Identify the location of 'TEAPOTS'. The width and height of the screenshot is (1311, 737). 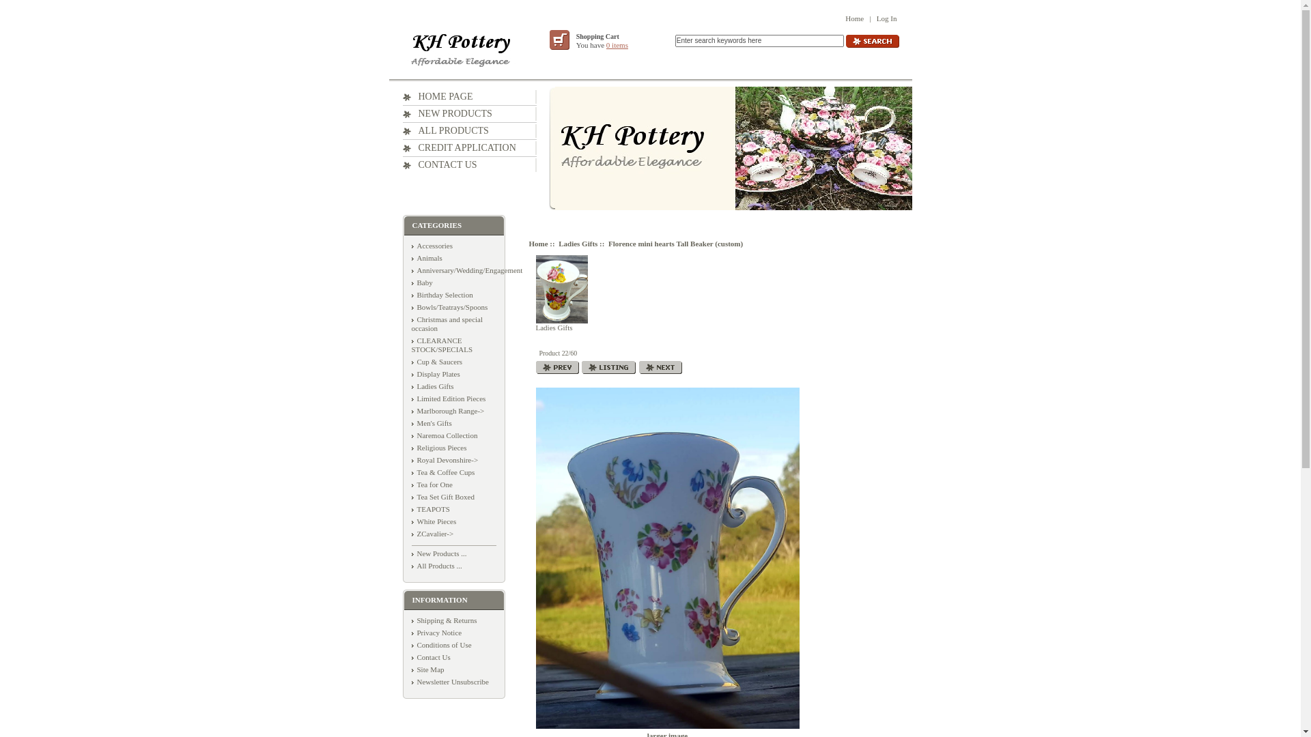
(429, 508).